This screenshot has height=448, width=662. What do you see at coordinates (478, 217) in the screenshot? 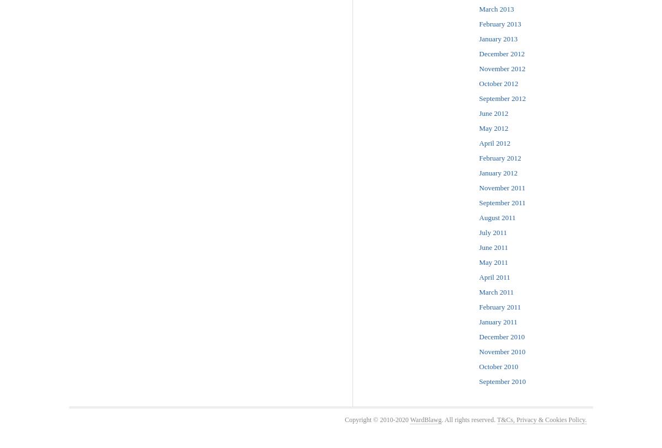
I see `'August 2011'` at bounding box center [478, 217].